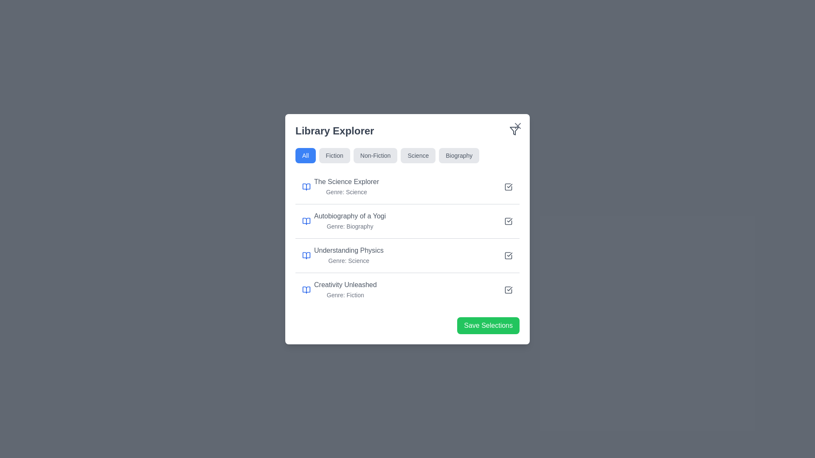 This screenshot has width=815, height=458. I want to click on the checkbox input control for the 'Autobiography of a Yogi' item, so click(509, 221).